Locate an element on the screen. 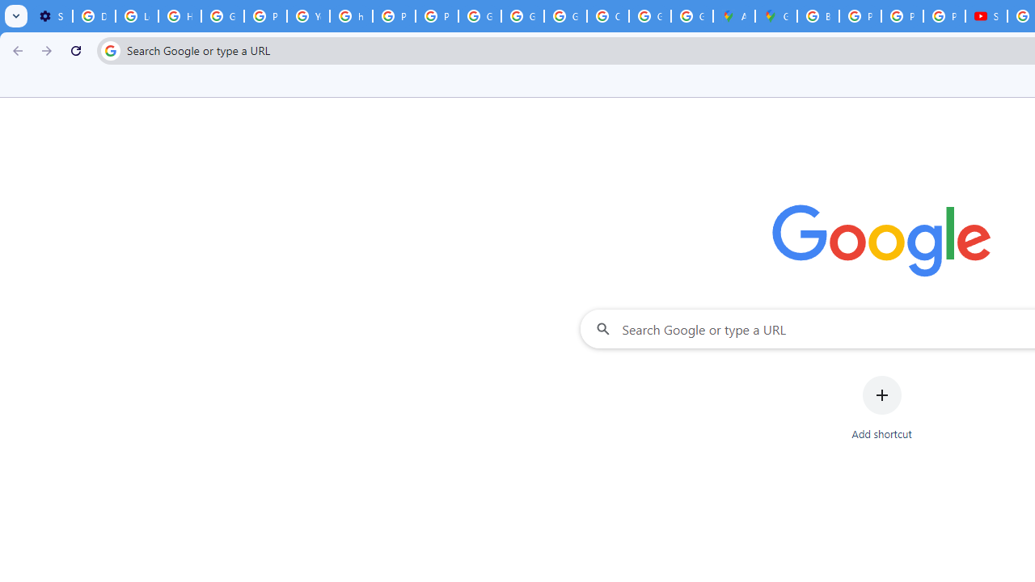  'Learn how to find your photos - Google Photos Help' is located at coordinates (137, 16).